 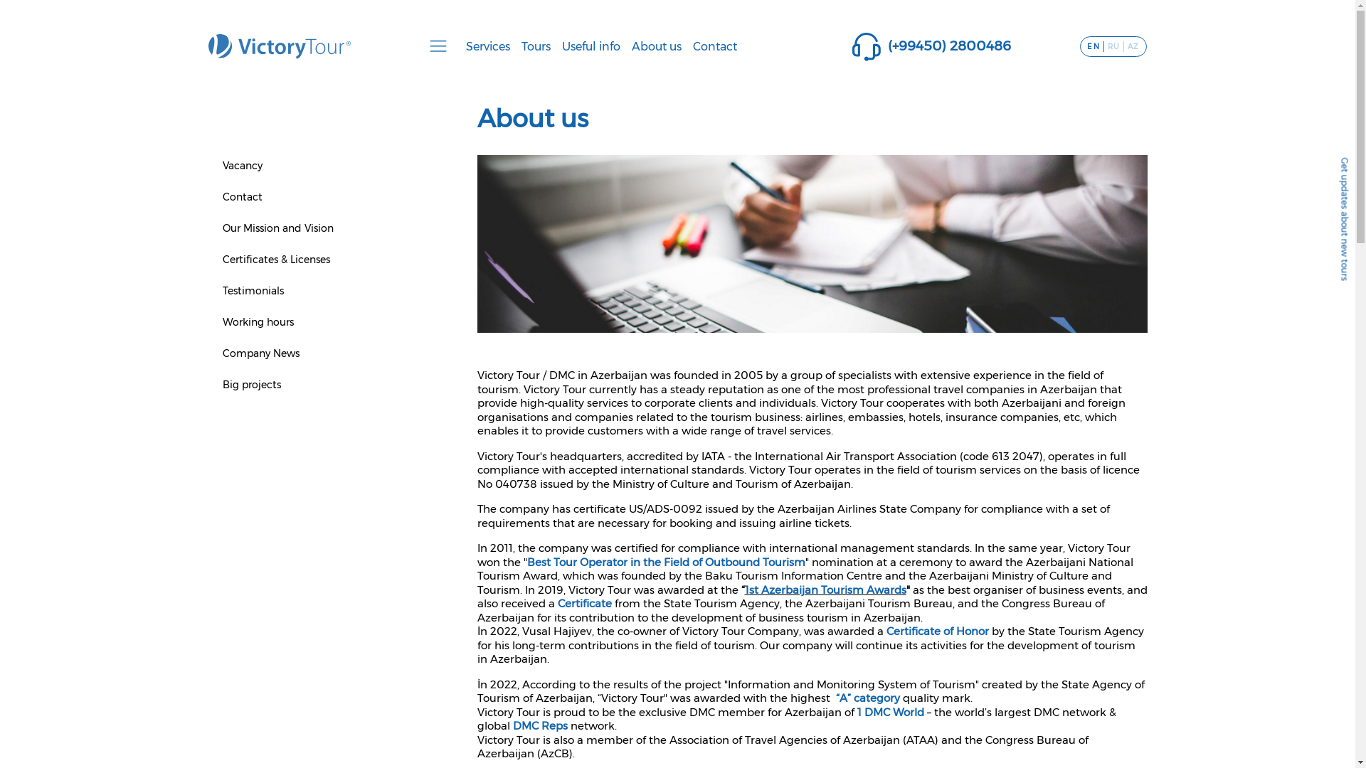 I want to click on 'Tours', so click(x=514, y=46).